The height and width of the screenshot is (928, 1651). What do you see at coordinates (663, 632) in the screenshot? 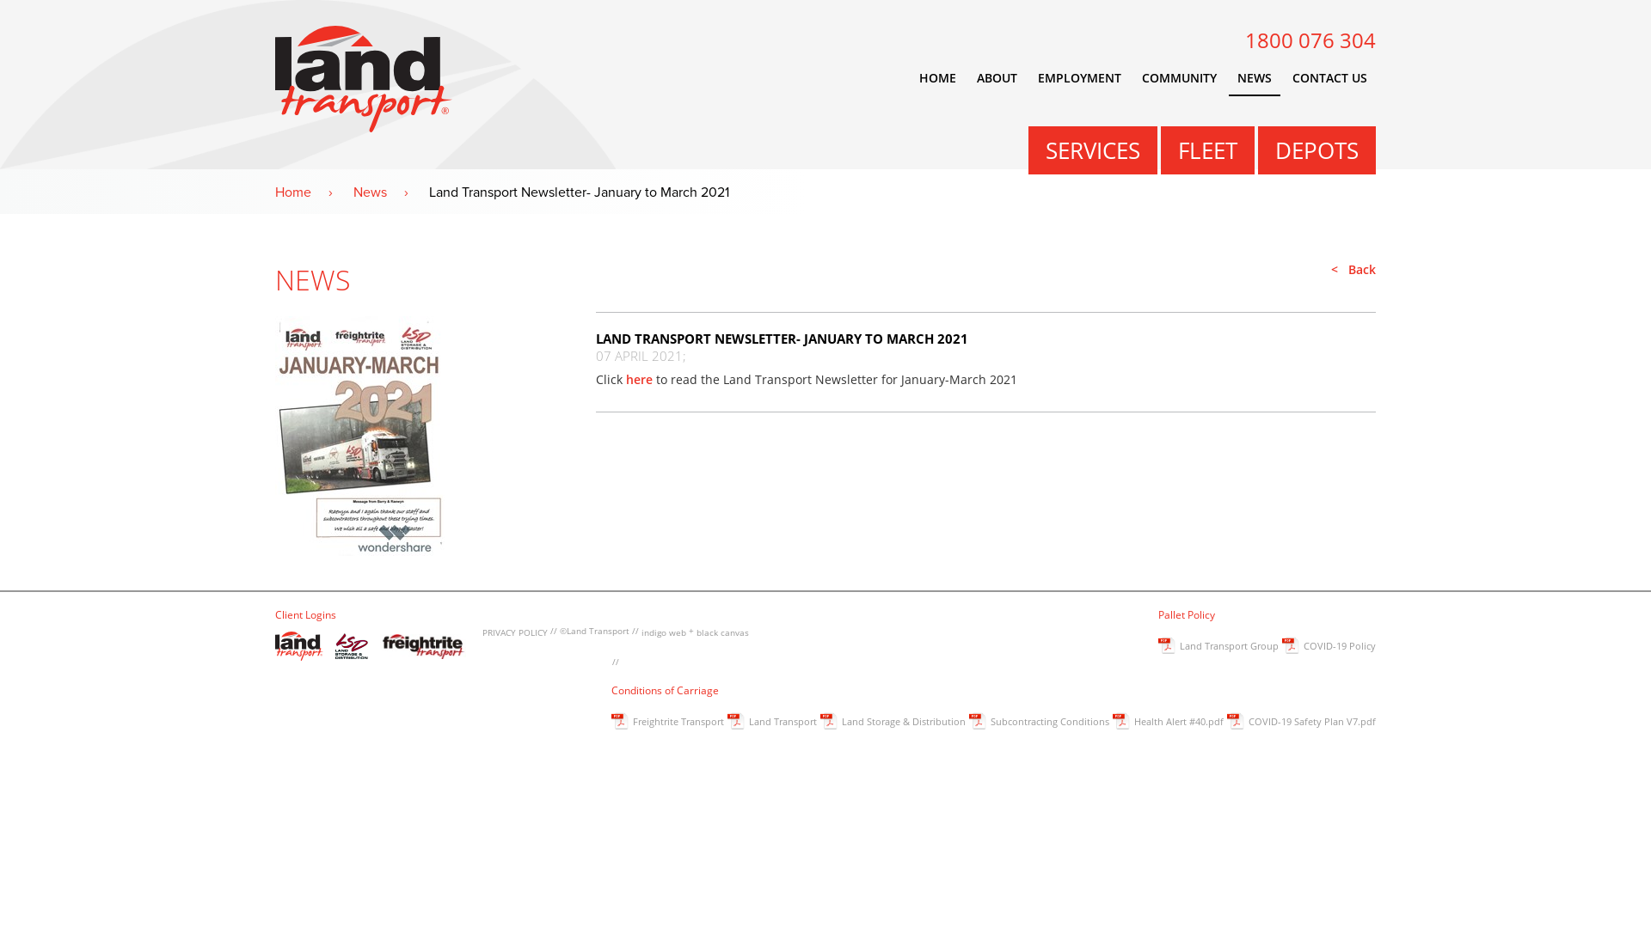
I see `'indigo web'` at bounding box center [663, 632].